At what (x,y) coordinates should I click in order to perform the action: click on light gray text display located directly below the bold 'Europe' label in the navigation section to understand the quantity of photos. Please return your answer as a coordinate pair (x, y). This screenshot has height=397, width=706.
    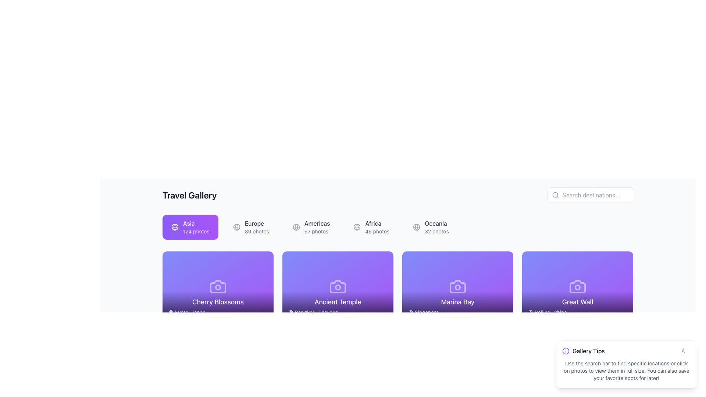
    Looking at the image, I should click on (257, 231).